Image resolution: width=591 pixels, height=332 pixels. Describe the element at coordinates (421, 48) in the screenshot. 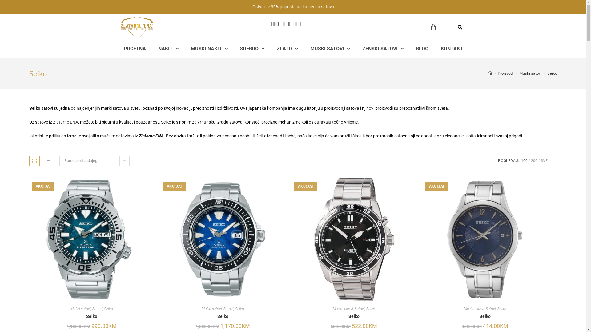

I see `'BLOG'` at that location.